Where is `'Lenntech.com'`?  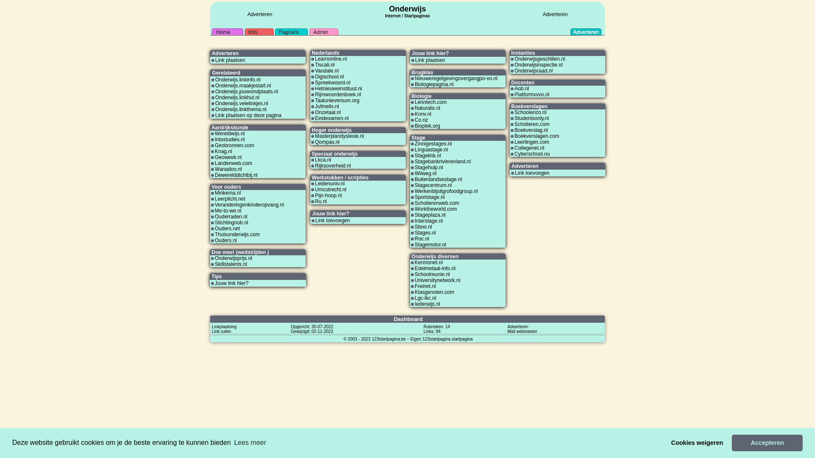 'Lenntech.com' is located at coordinates (430, 101).